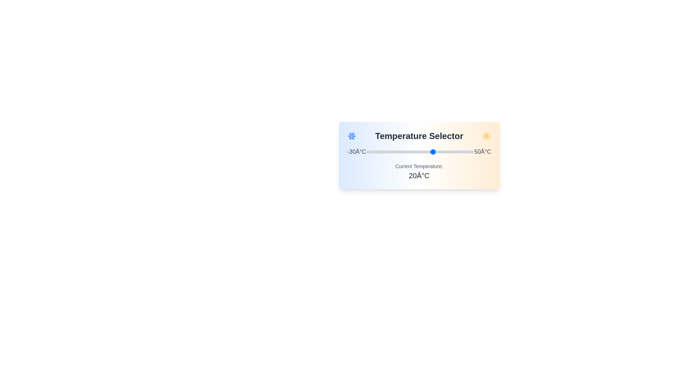  What do you see at coordinates (351, 136) in the screenshot?
I see `the snowflake icon, which is represented with blue strokes and rounded edges, located to the left of the 'Temperature Selector' title` at bounding box center [351, 136].